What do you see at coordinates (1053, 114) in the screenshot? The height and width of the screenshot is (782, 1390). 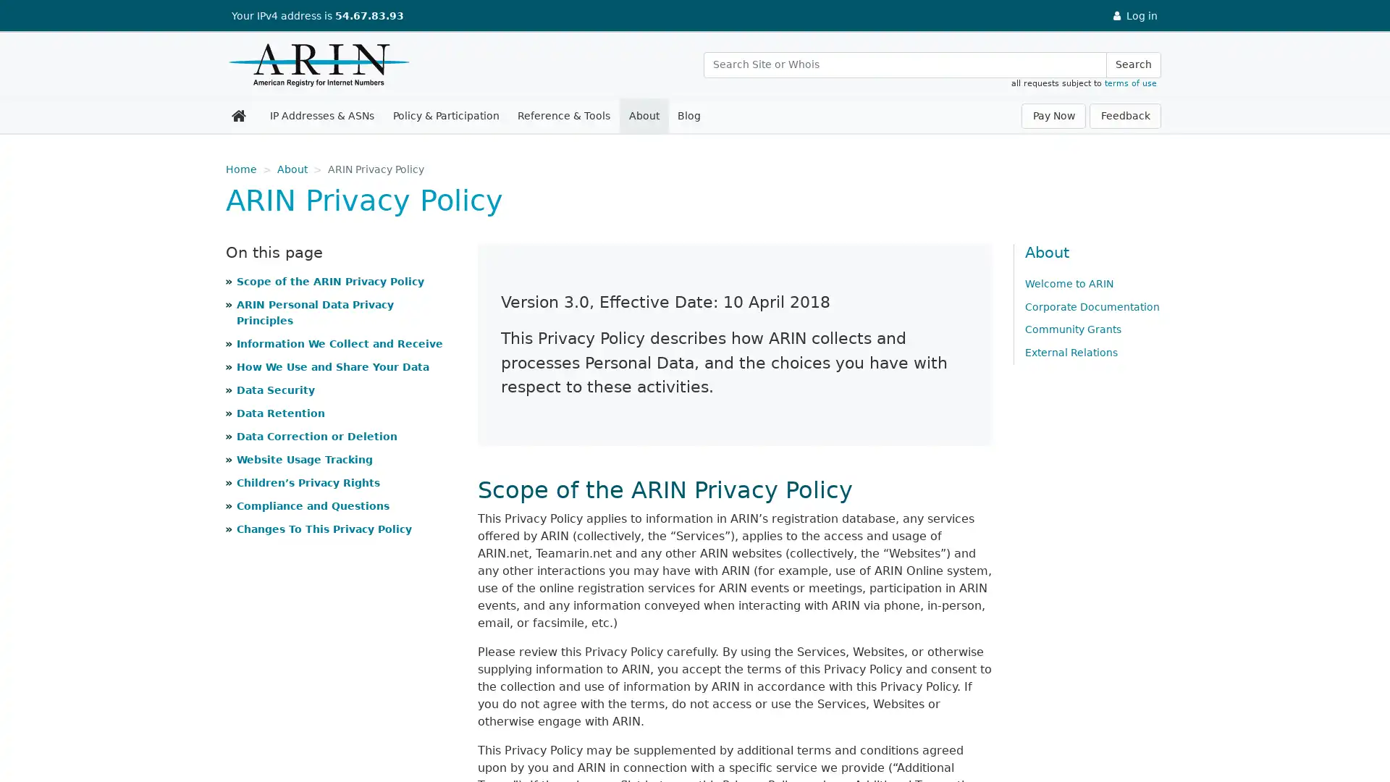 I see `Pay Now` at bounding box center [1053, 114].